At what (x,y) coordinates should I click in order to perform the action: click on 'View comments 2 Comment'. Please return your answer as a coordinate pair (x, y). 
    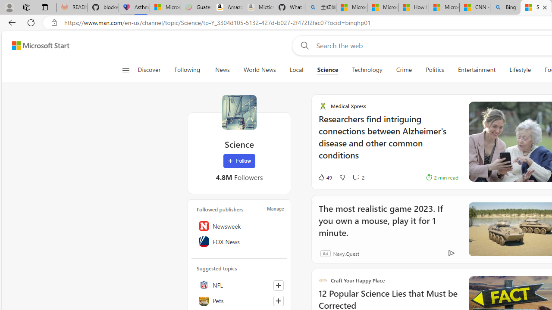
    Looking at the image, I should click on (356, 177).